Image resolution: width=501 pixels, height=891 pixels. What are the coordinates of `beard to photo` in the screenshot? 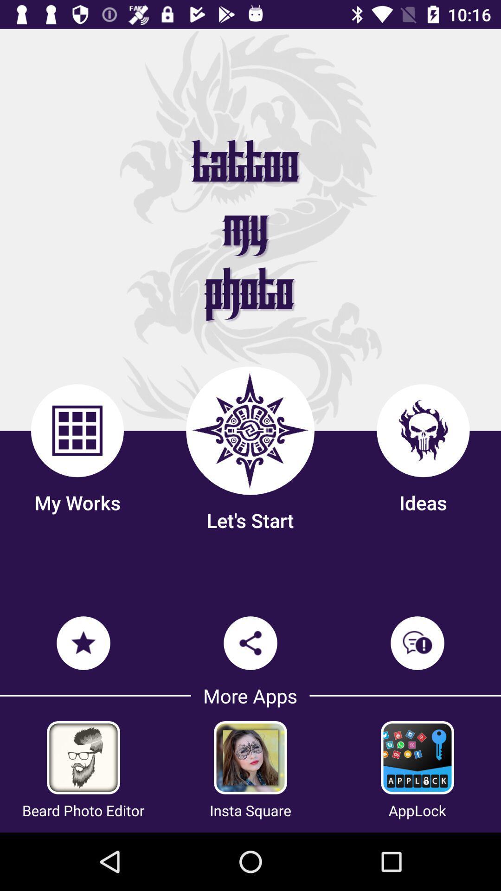 It's located at (83, 757).